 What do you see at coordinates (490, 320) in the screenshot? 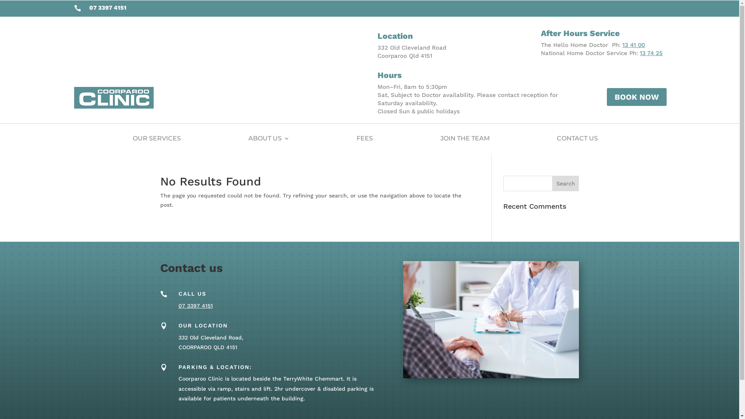
I see `'Medical prescriptions'` at bounding box center [490, 320].